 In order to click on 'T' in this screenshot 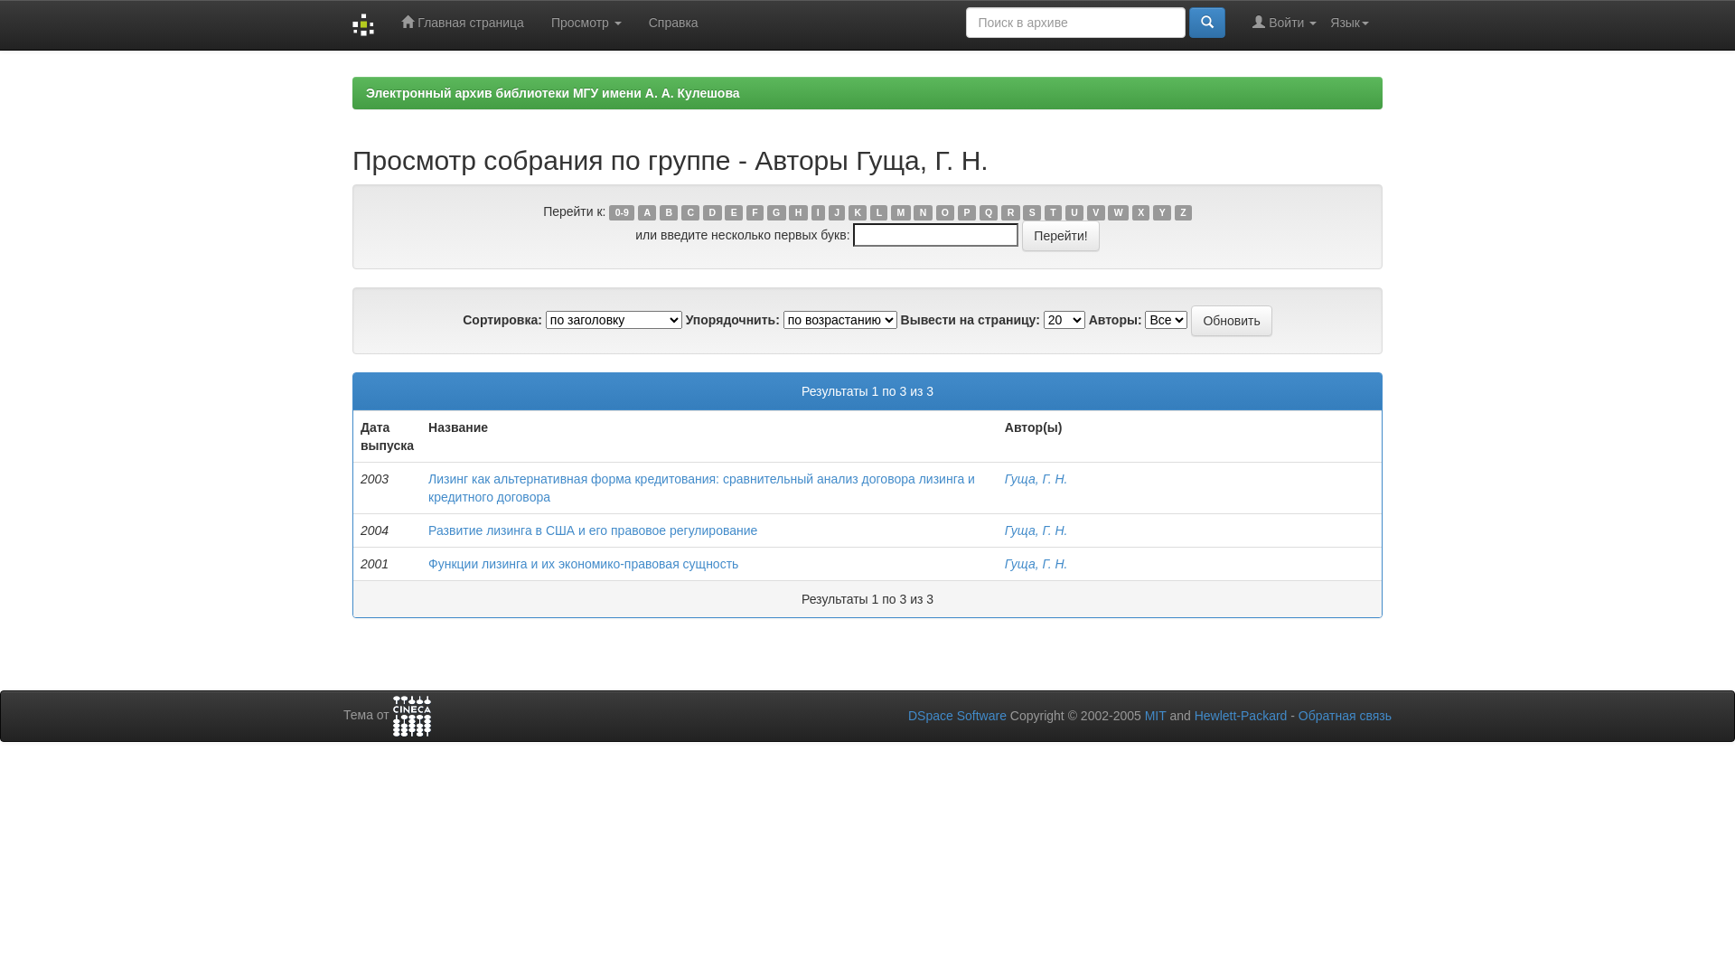, I will do `click(1053, 211)`.